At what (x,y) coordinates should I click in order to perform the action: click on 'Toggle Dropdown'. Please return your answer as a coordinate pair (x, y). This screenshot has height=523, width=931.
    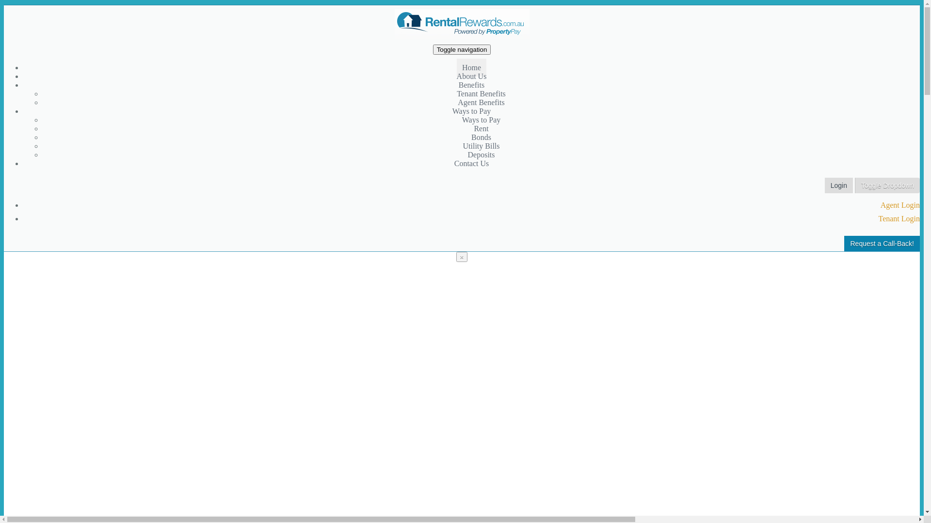
    Looking at the image, I should click on (854, 185).